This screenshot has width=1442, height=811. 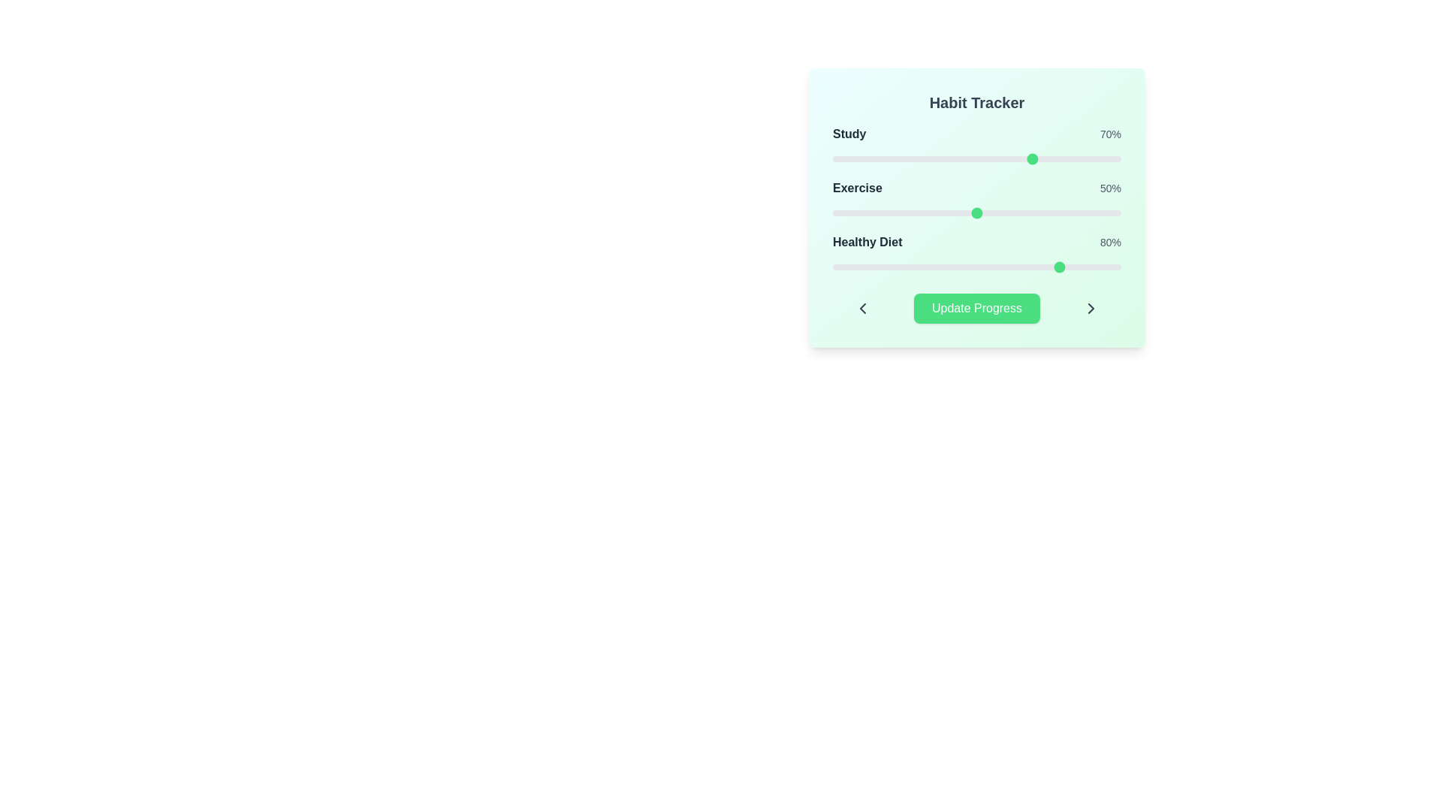 I want to click on the 'Update Progress' button, so click(x=976, y=308).